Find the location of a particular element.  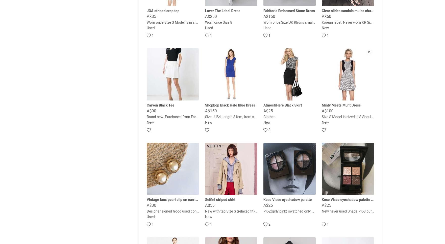

'PK-2(girly pink) swatched only BR-1(gold brown) gently used, sponge brush missing  Buy together for $25  No box' is located at coordinates (351, 211).